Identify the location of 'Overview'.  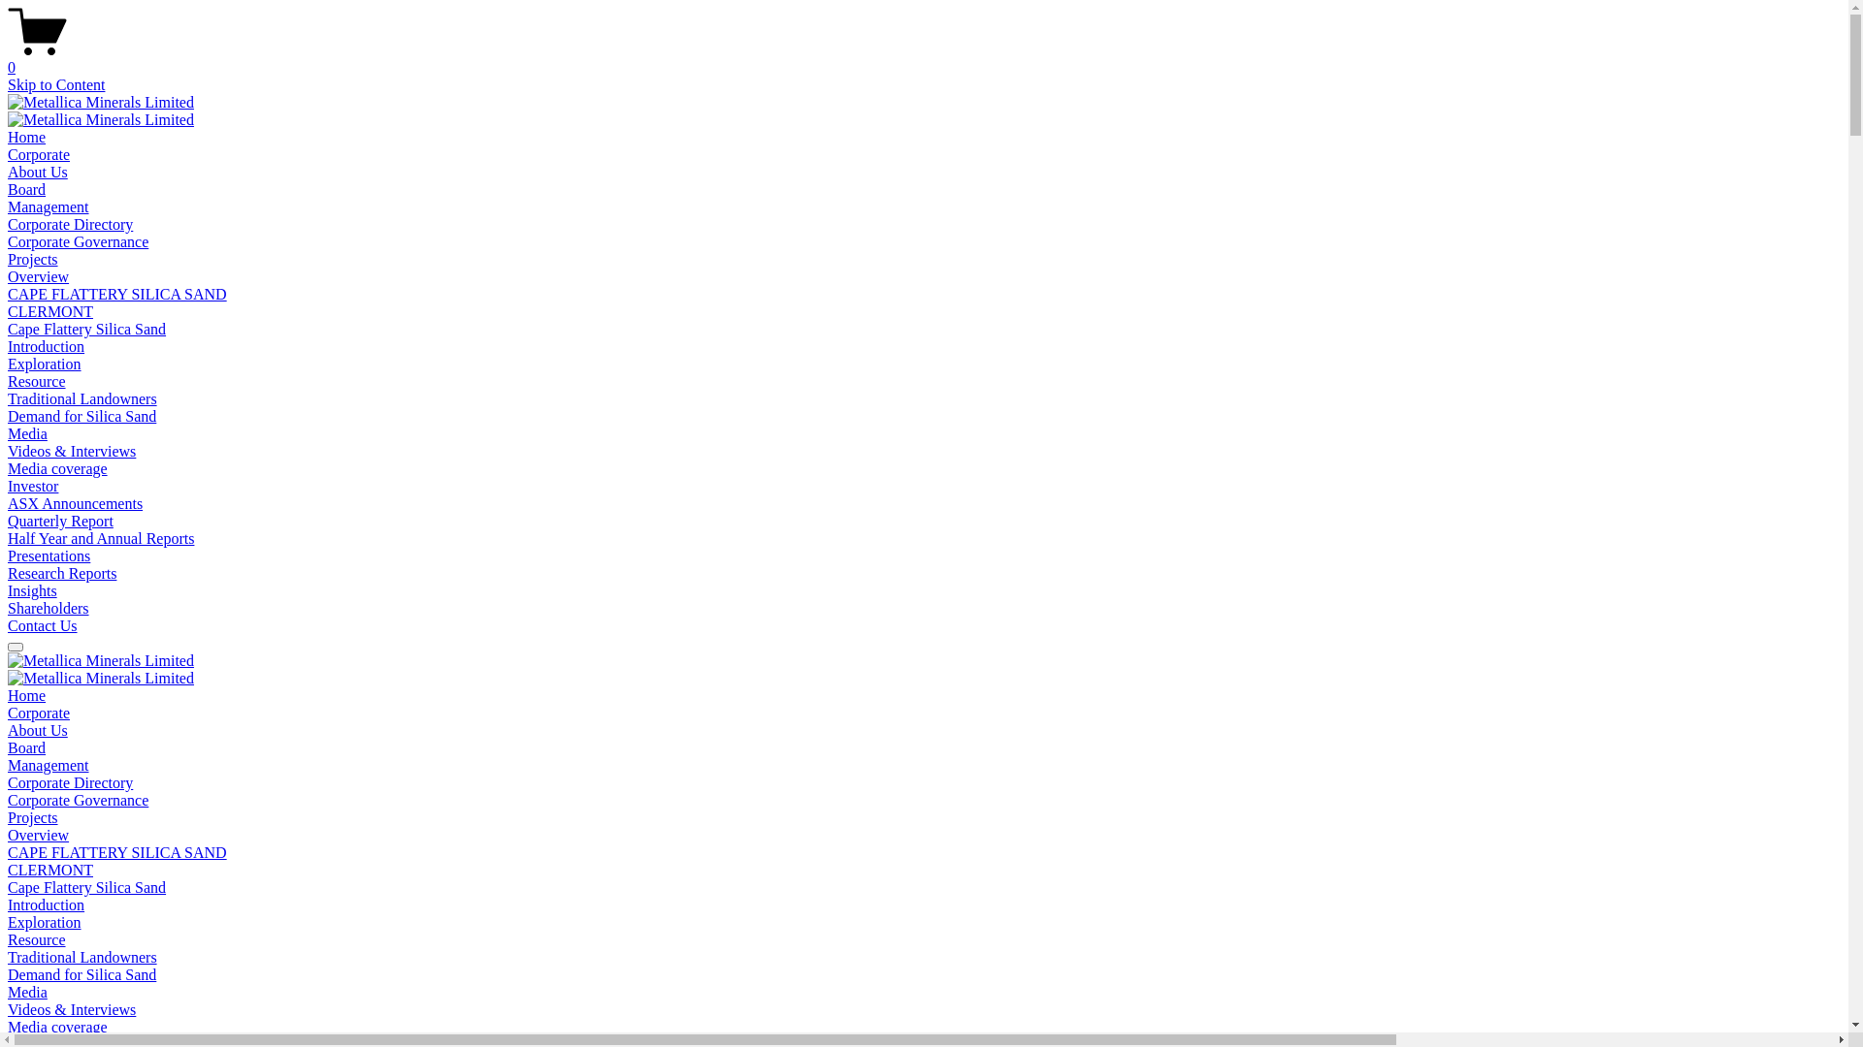
(38, 834).